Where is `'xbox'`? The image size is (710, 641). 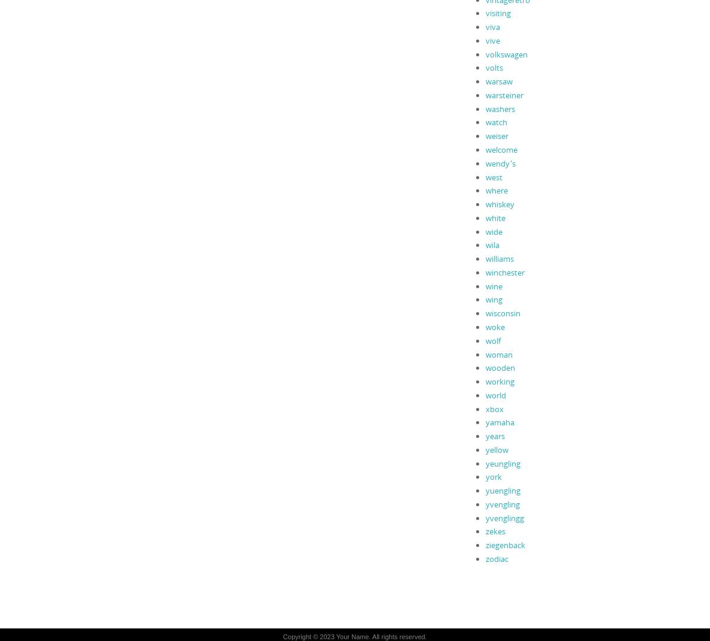 'xbox' is located at coordinates (485, 409).